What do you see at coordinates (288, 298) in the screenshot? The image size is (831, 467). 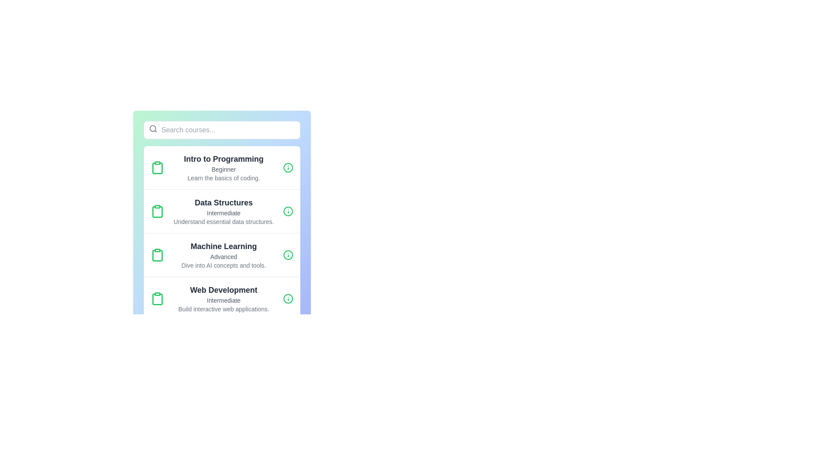 I see `circular vector graphic with a green border that is part of the information icon located to the right of the 'Web Development' list item` at bounding box center [288, 298].